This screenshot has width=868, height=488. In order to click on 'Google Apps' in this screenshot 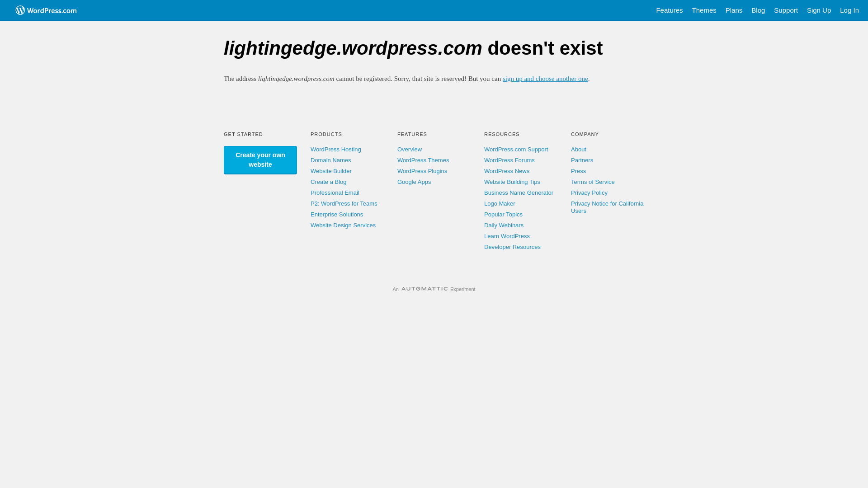, I will do `click(414, 182)`.